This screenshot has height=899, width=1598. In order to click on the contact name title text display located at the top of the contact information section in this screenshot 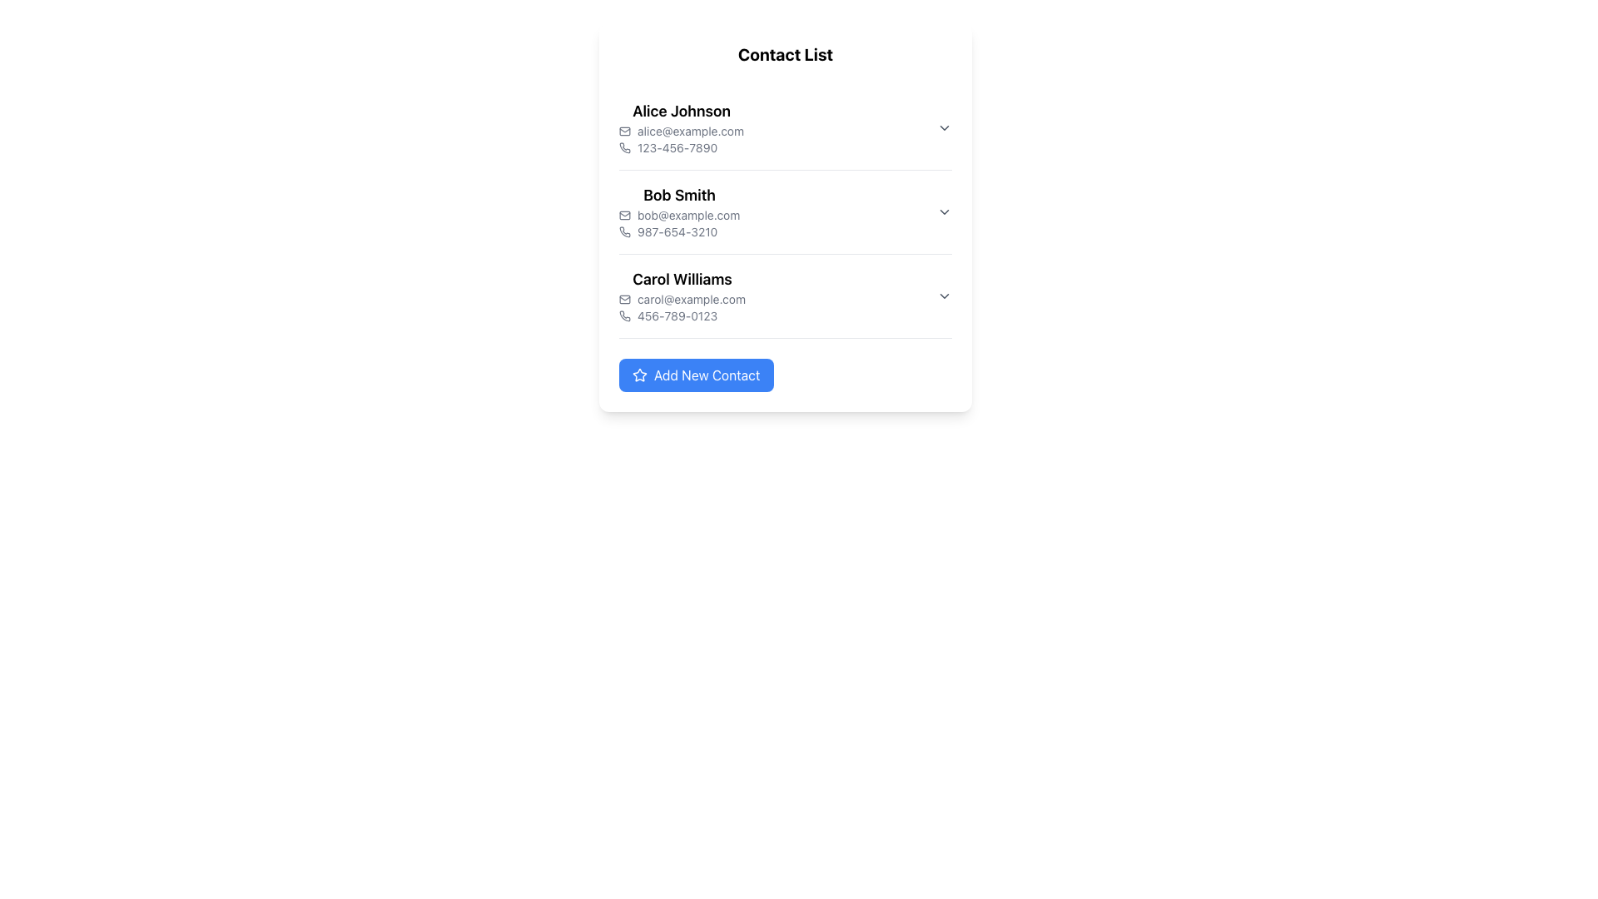, I will do `click(682, 112)`.